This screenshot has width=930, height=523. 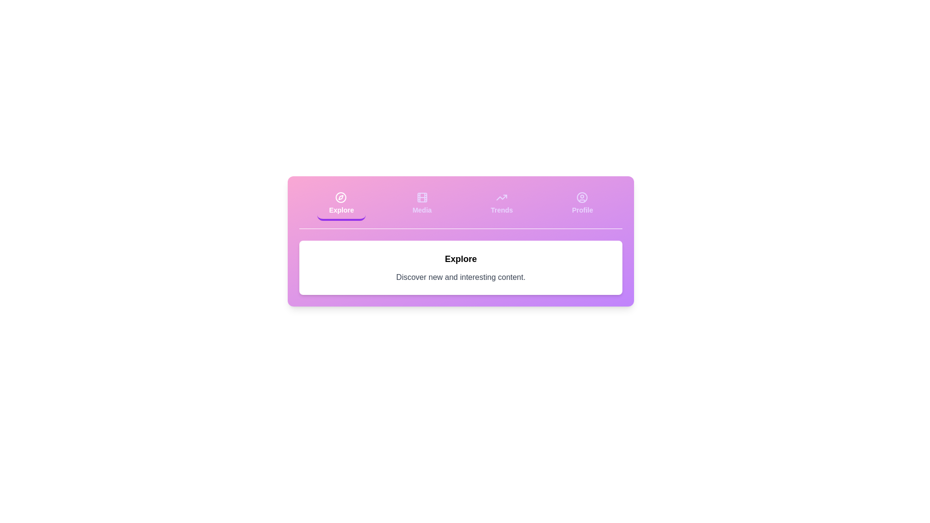 I want to click on the tab button labeled Profile to switch to the corresponding tab, so click(x=581, y=203).